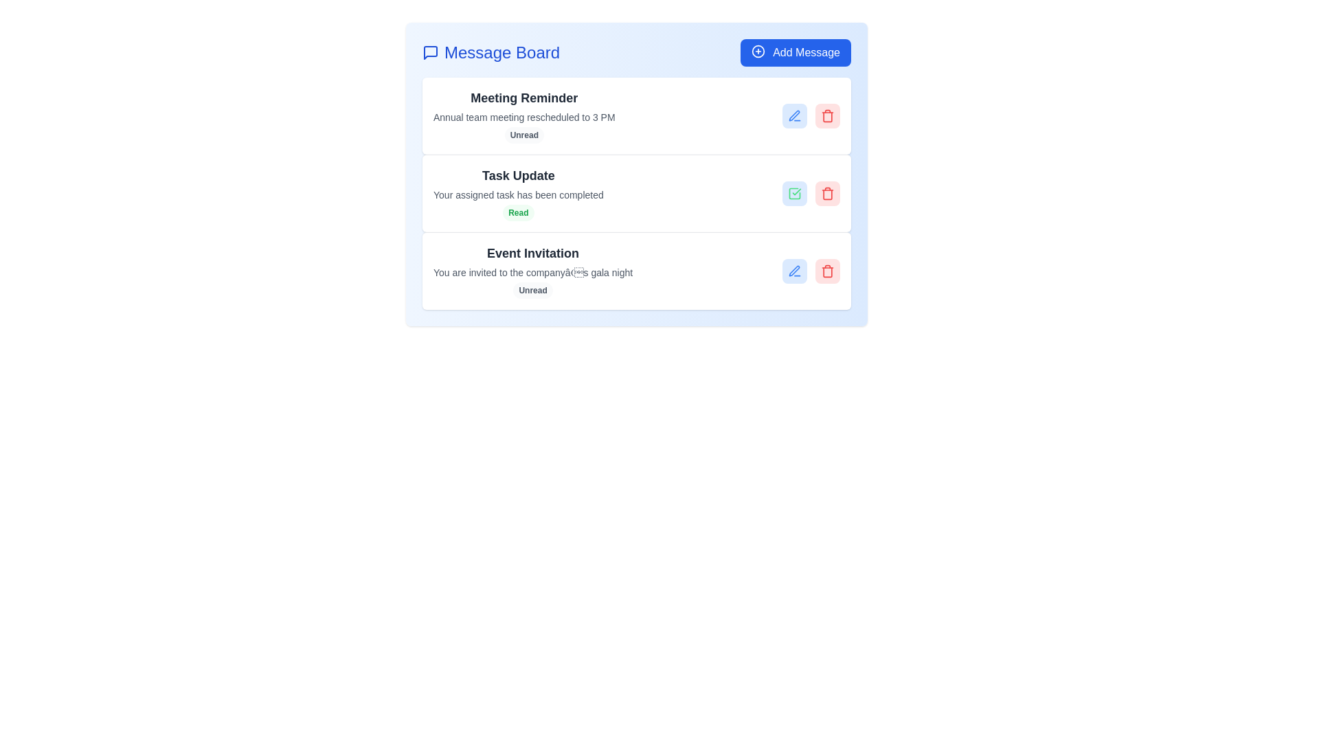 This screenshot has height=742, width=1319. I want to click on the content of the bold 'Event Invitation' text heading located under the 'Task Update' section, so click(532, 254).